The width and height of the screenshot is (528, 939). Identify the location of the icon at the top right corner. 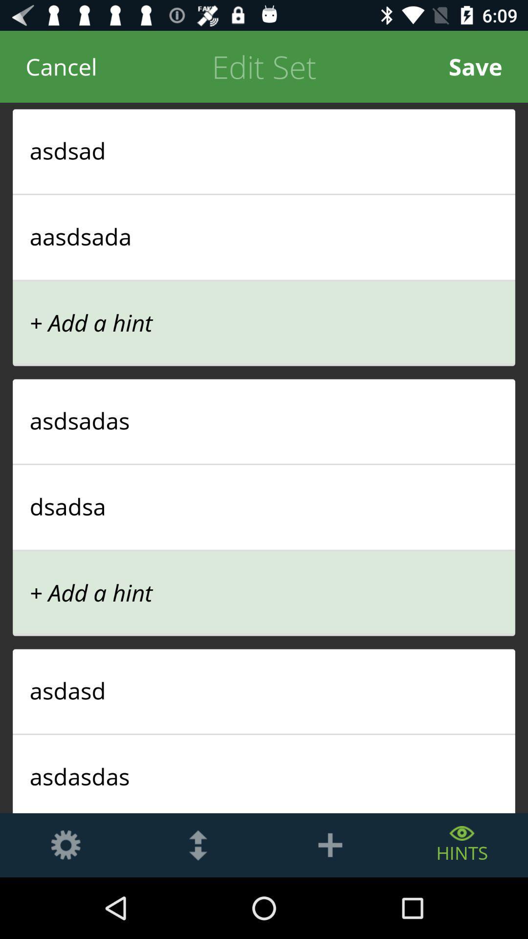
(475, 66).